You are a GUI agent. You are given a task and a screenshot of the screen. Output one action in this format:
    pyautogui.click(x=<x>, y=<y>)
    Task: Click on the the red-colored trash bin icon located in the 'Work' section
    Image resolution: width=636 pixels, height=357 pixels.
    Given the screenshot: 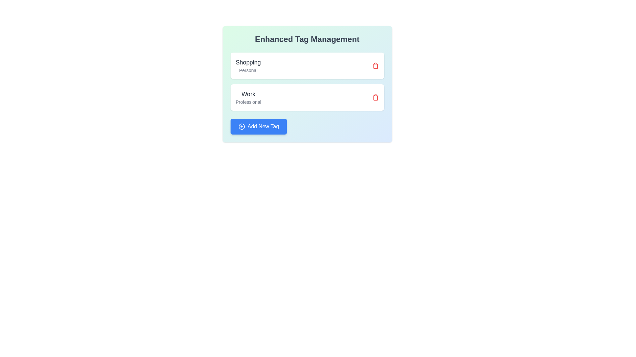 What is the action you would take?
    pyautogui.click(x=375, y=97)
    